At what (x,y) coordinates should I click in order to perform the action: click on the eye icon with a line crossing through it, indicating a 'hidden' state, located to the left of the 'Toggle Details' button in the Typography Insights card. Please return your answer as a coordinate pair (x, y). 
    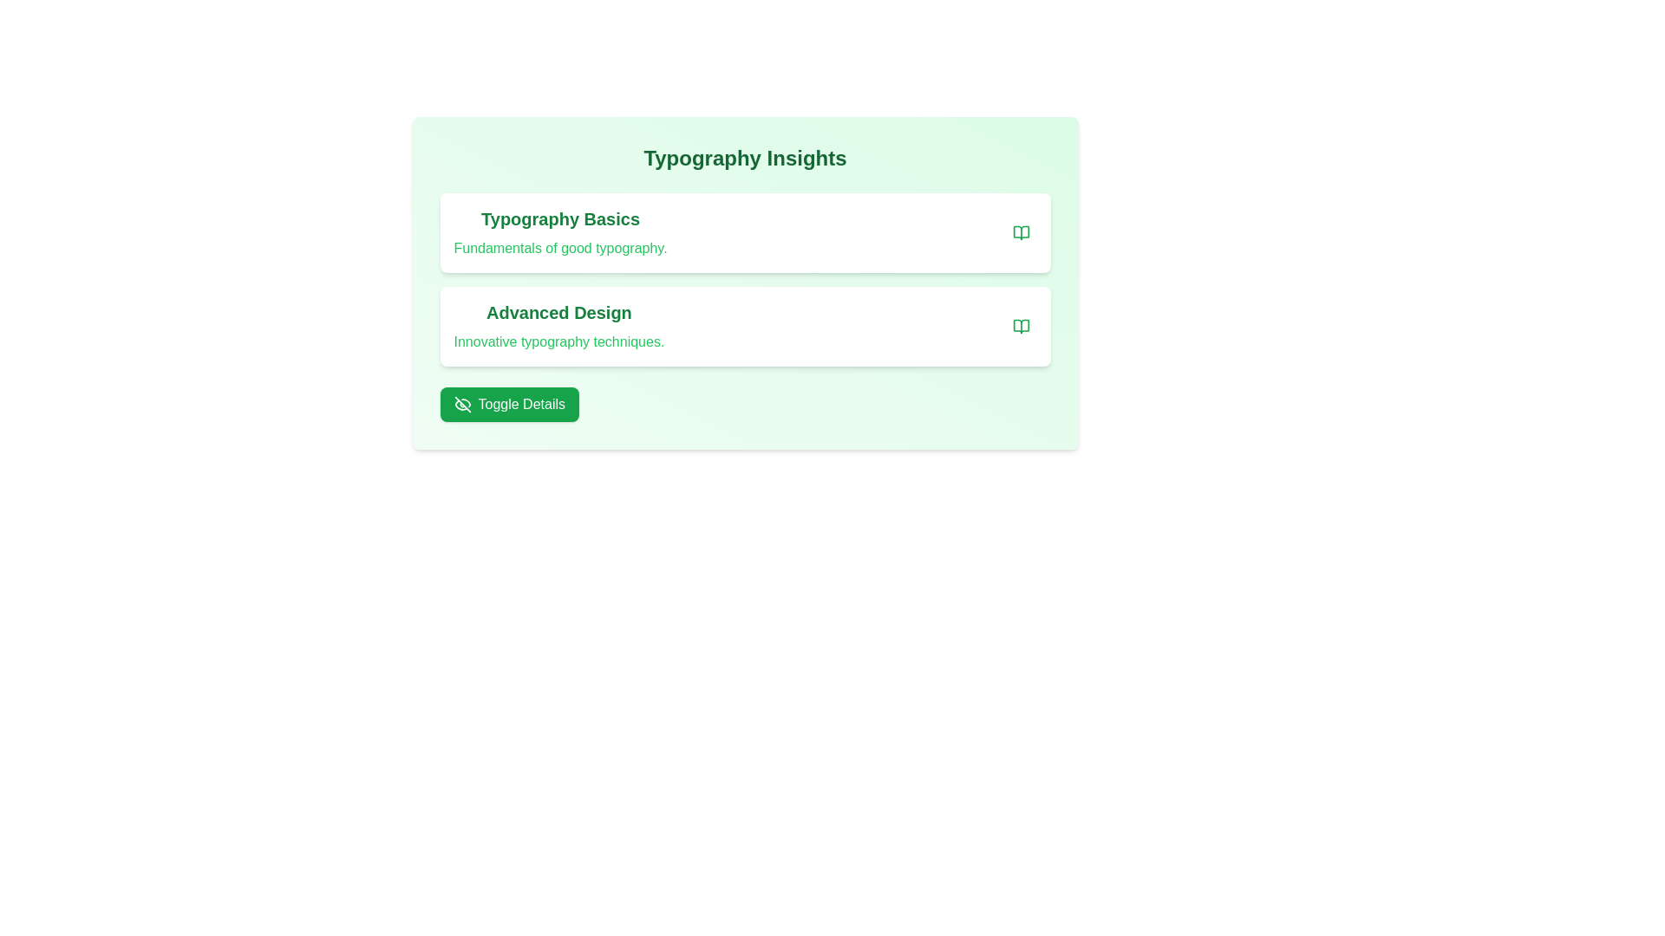
    Looking at the image, I should click on (462, 404).